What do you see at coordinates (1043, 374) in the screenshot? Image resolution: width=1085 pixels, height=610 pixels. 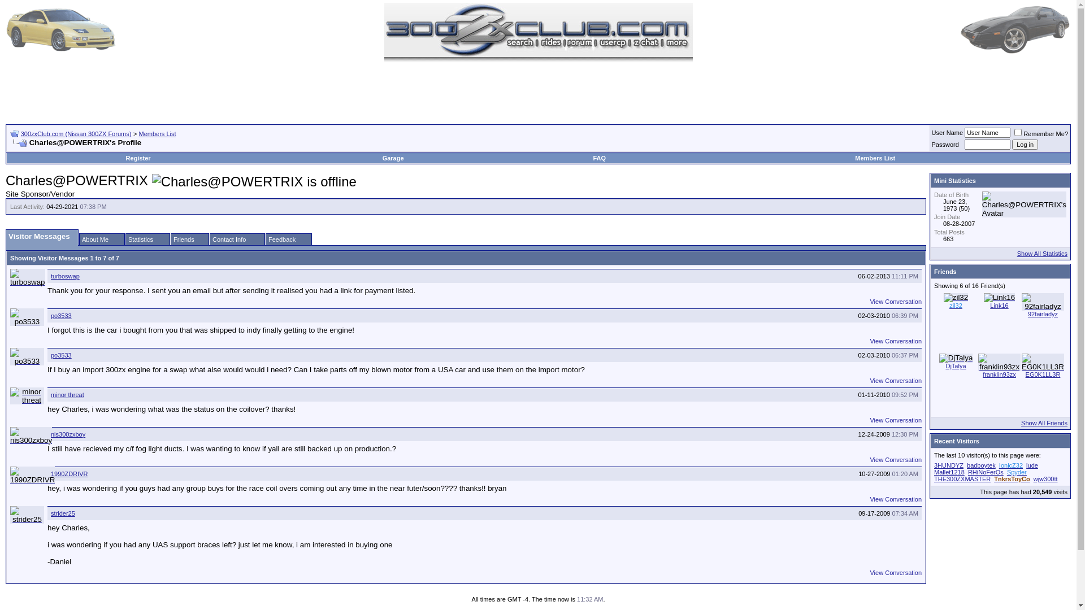 I see `'EG0K1LL3R'` at bounding box center [1043, 374].